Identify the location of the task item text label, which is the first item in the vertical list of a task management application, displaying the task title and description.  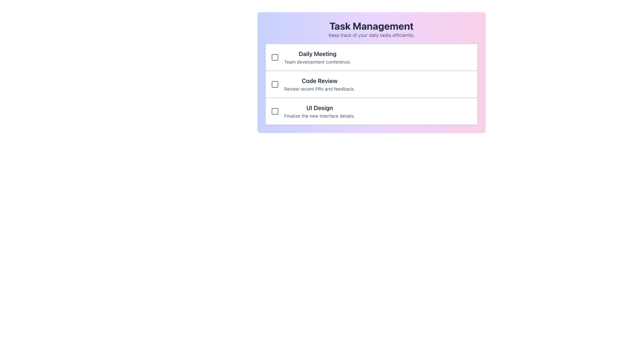
(317, 57).